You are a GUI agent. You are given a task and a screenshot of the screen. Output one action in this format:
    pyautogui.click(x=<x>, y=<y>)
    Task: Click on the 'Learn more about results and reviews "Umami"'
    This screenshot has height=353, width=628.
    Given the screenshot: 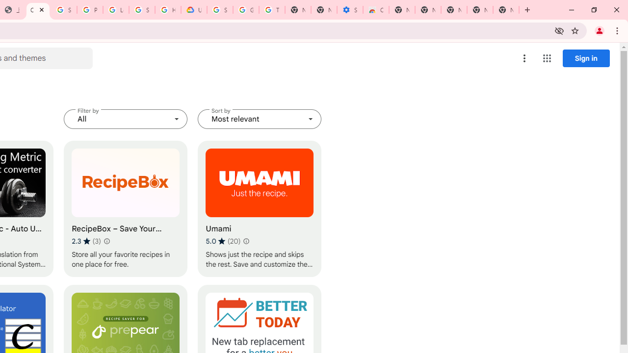 What is the action you would take?
    pyautogui.click(x=246, y=241)
    